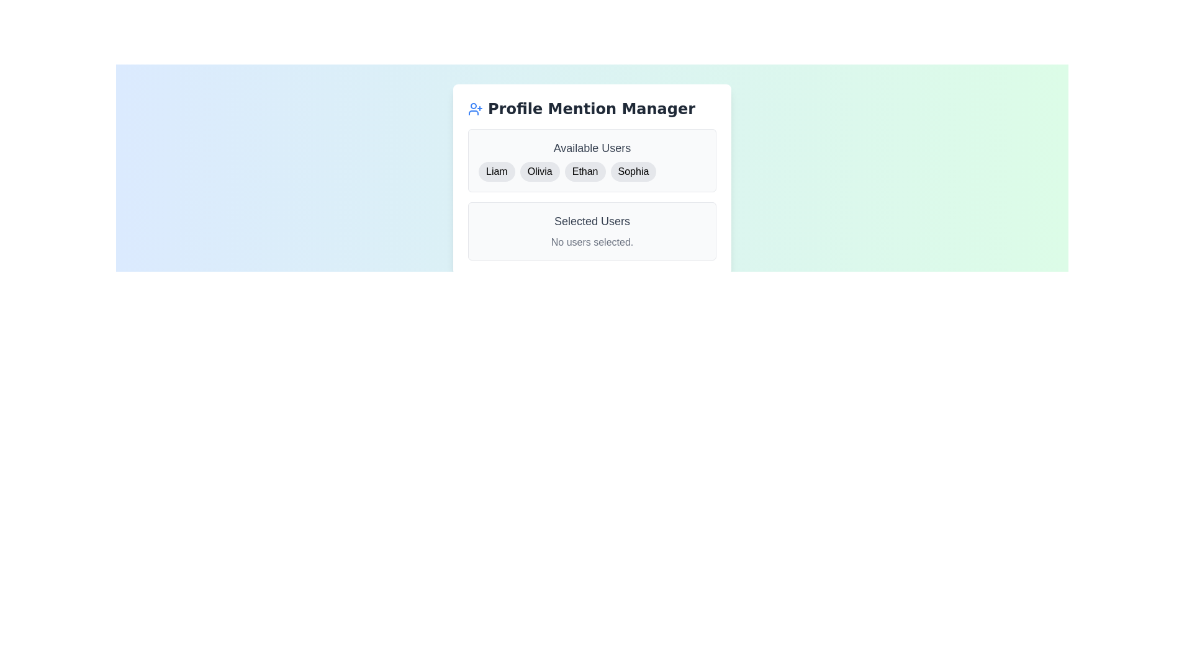 The width and height of the screenshot is (1192, 670). What do you see at coordinates (633, 172) in the screenshot?
I see `the rounded rectangle tag labeled 'Sophia'` at bounding box center [633, 172].